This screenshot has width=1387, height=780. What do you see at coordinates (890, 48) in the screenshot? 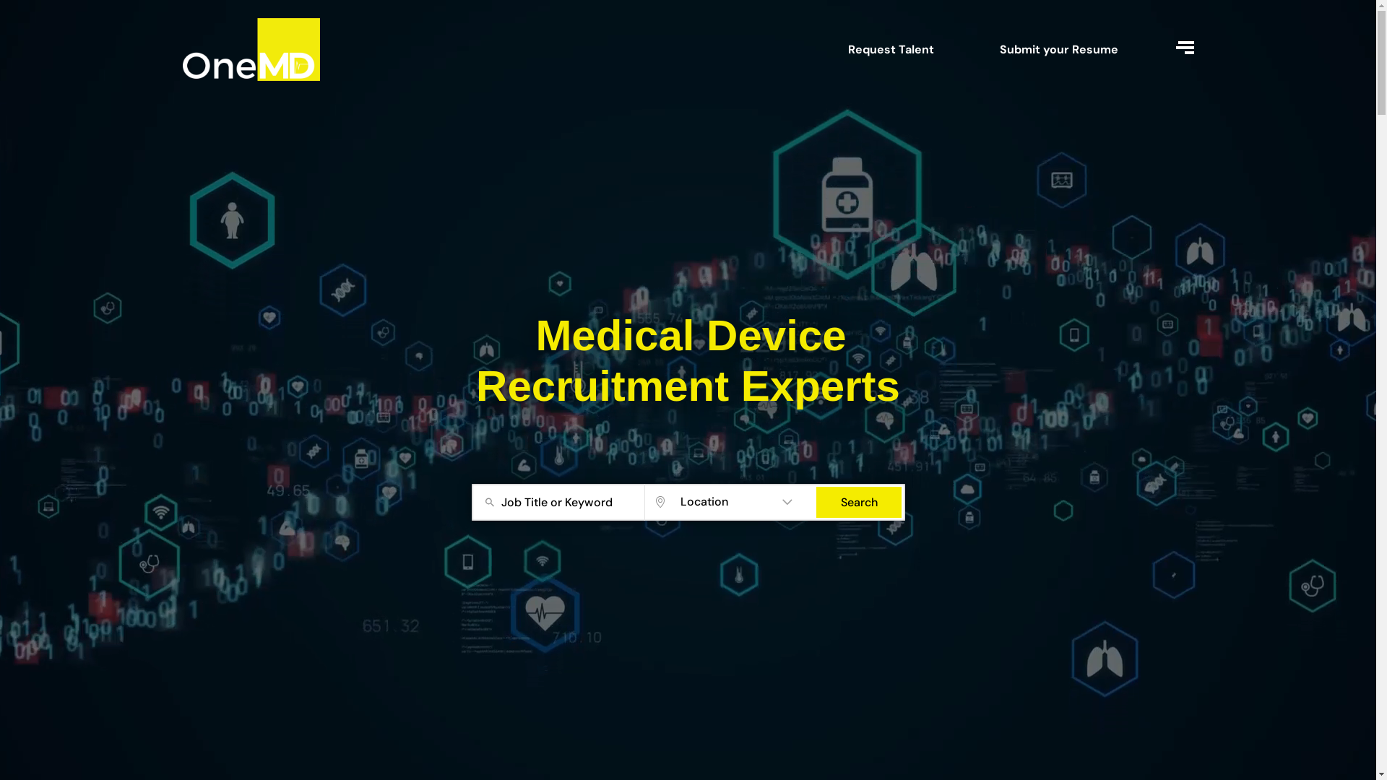
I see `'Request Talent'` at bounding box center [890, 48].